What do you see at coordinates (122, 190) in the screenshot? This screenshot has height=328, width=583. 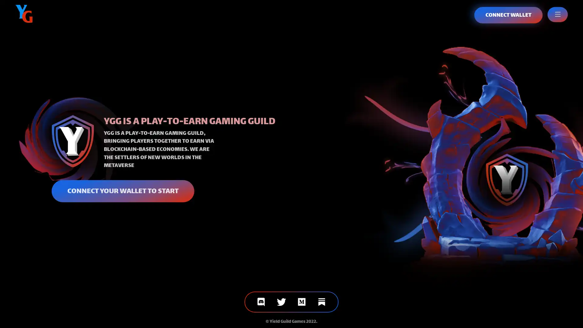 I see `CONNECT YOUR WALLET TO START` at bounding box center [122, 190].